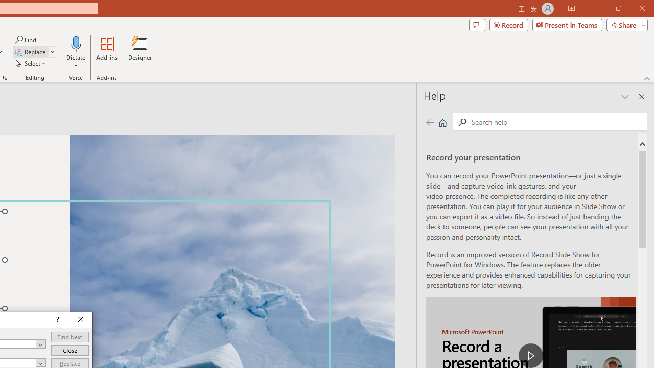  Describe the element at coordinates (430, 122) in the screenshot. I see `'Previous page'` at that location.